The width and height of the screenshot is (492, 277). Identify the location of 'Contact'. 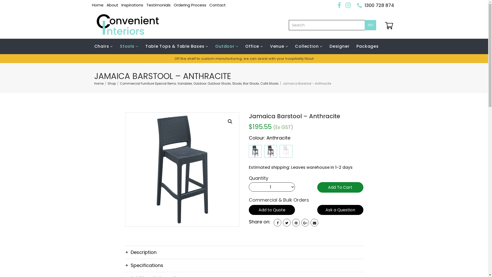
(217, 5).